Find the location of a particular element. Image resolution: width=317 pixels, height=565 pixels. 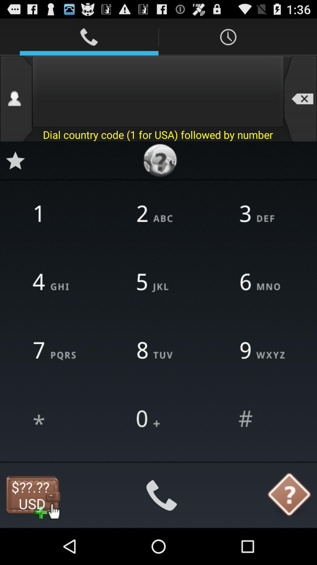

the number 7 is located at coordinates (55, 351).